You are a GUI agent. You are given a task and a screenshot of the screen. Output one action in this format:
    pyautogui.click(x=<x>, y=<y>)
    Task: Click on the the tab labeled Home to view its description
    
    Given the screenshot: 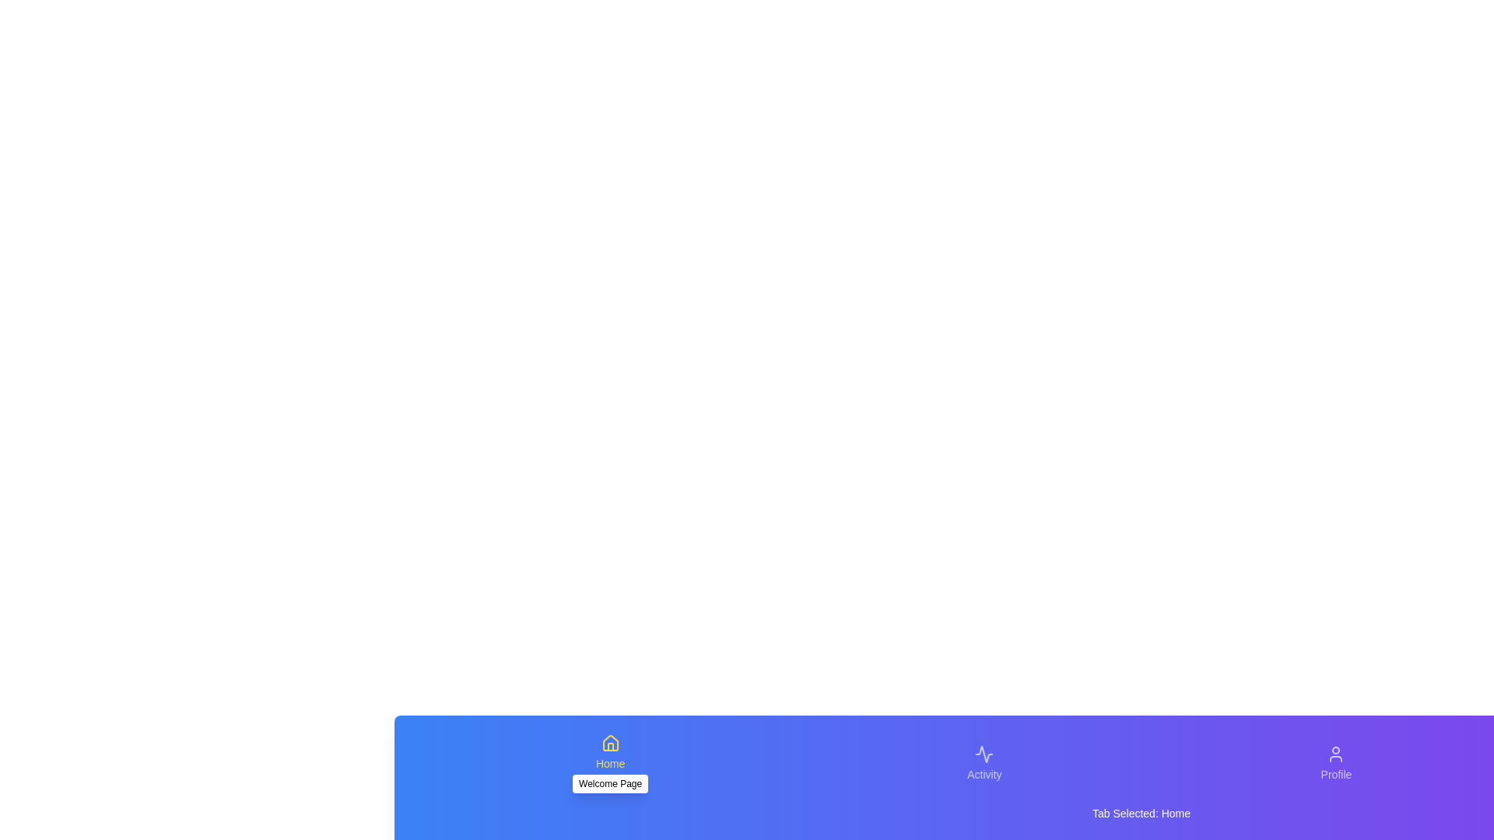 What is the action you would take?
    pyautogui.click(x=609, y=763)
    